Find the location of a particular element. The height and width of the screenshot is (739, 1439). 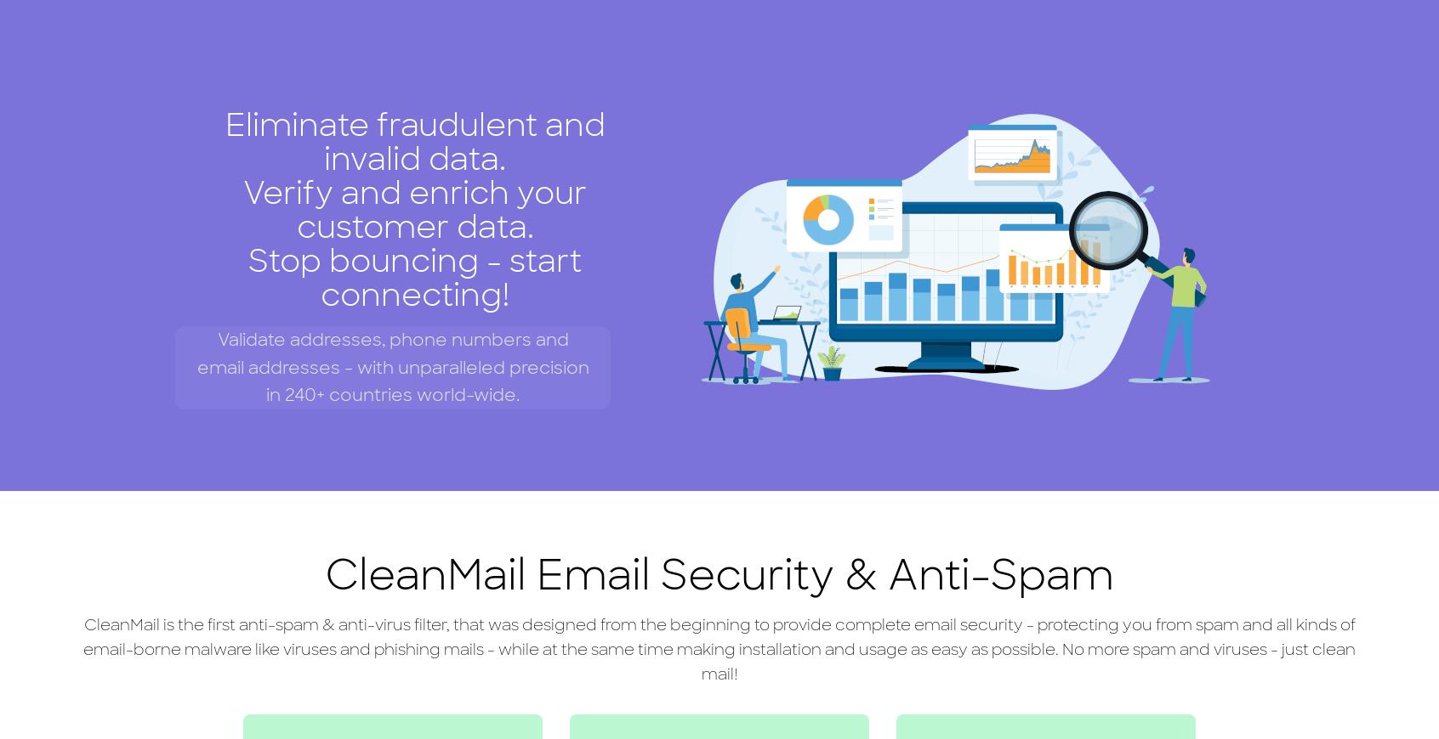

'The Delay Filter itself already blocks up to 73% of all junk mails while causing
                                    only minimal resource usage on the host system.' is located at coordinates (1224, 234).